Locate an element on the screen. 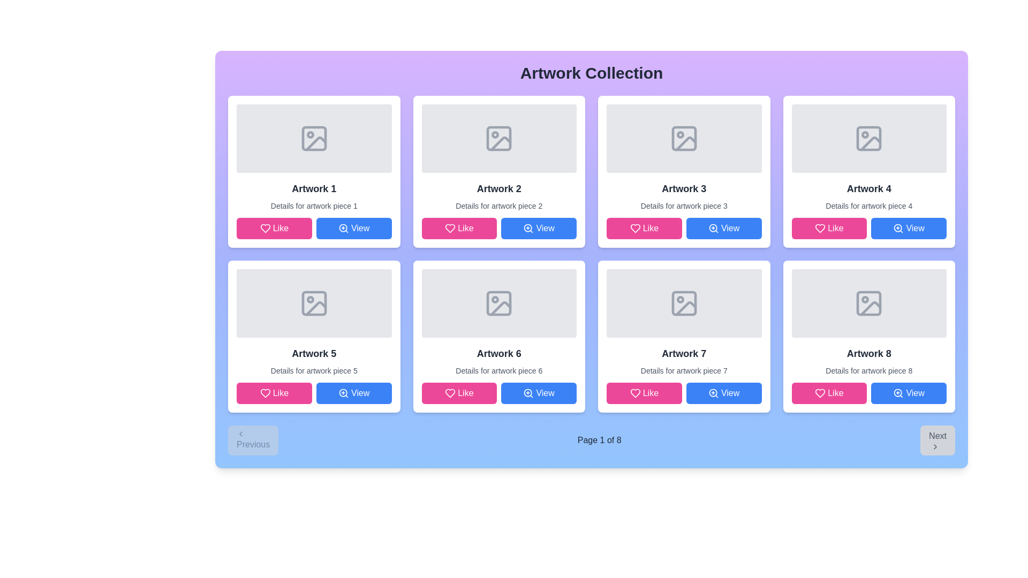 The height and width of the screenshot is (578, 1028). the small circular shape filled with a distinct color within the top-right quadrant of the image-shaped icon in the 'Artwork 4' section is located at coordinates (865, 134).